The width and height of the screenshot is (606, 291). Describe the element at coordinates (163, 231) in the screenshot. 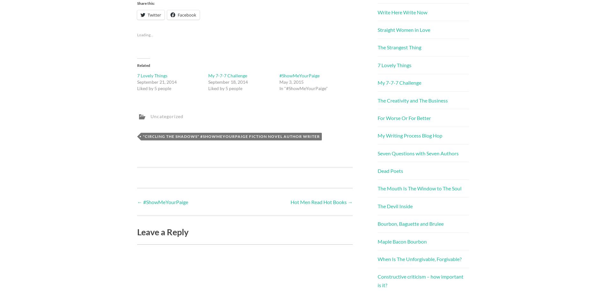

I see `'Leave a Reply'` at that location.